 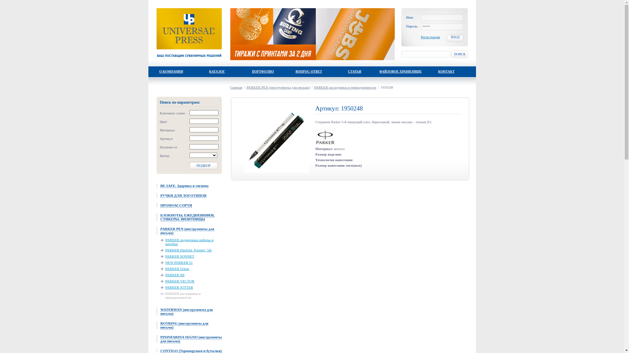 What do you see at coordinates (178, 256) in the screenshot?
I see `'PARKER SONNET'` at bounding box center [178, 256].